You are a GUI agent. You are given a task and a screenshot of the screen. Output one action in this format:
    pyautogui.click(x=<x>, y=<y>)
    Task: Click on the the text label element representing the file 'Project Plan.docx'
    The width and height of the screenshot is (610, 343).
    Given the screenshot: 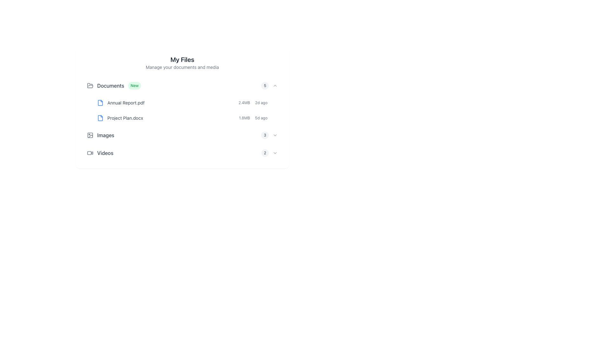 What is the action you would take?
    pyautogui.click(x=120, y=118)
    